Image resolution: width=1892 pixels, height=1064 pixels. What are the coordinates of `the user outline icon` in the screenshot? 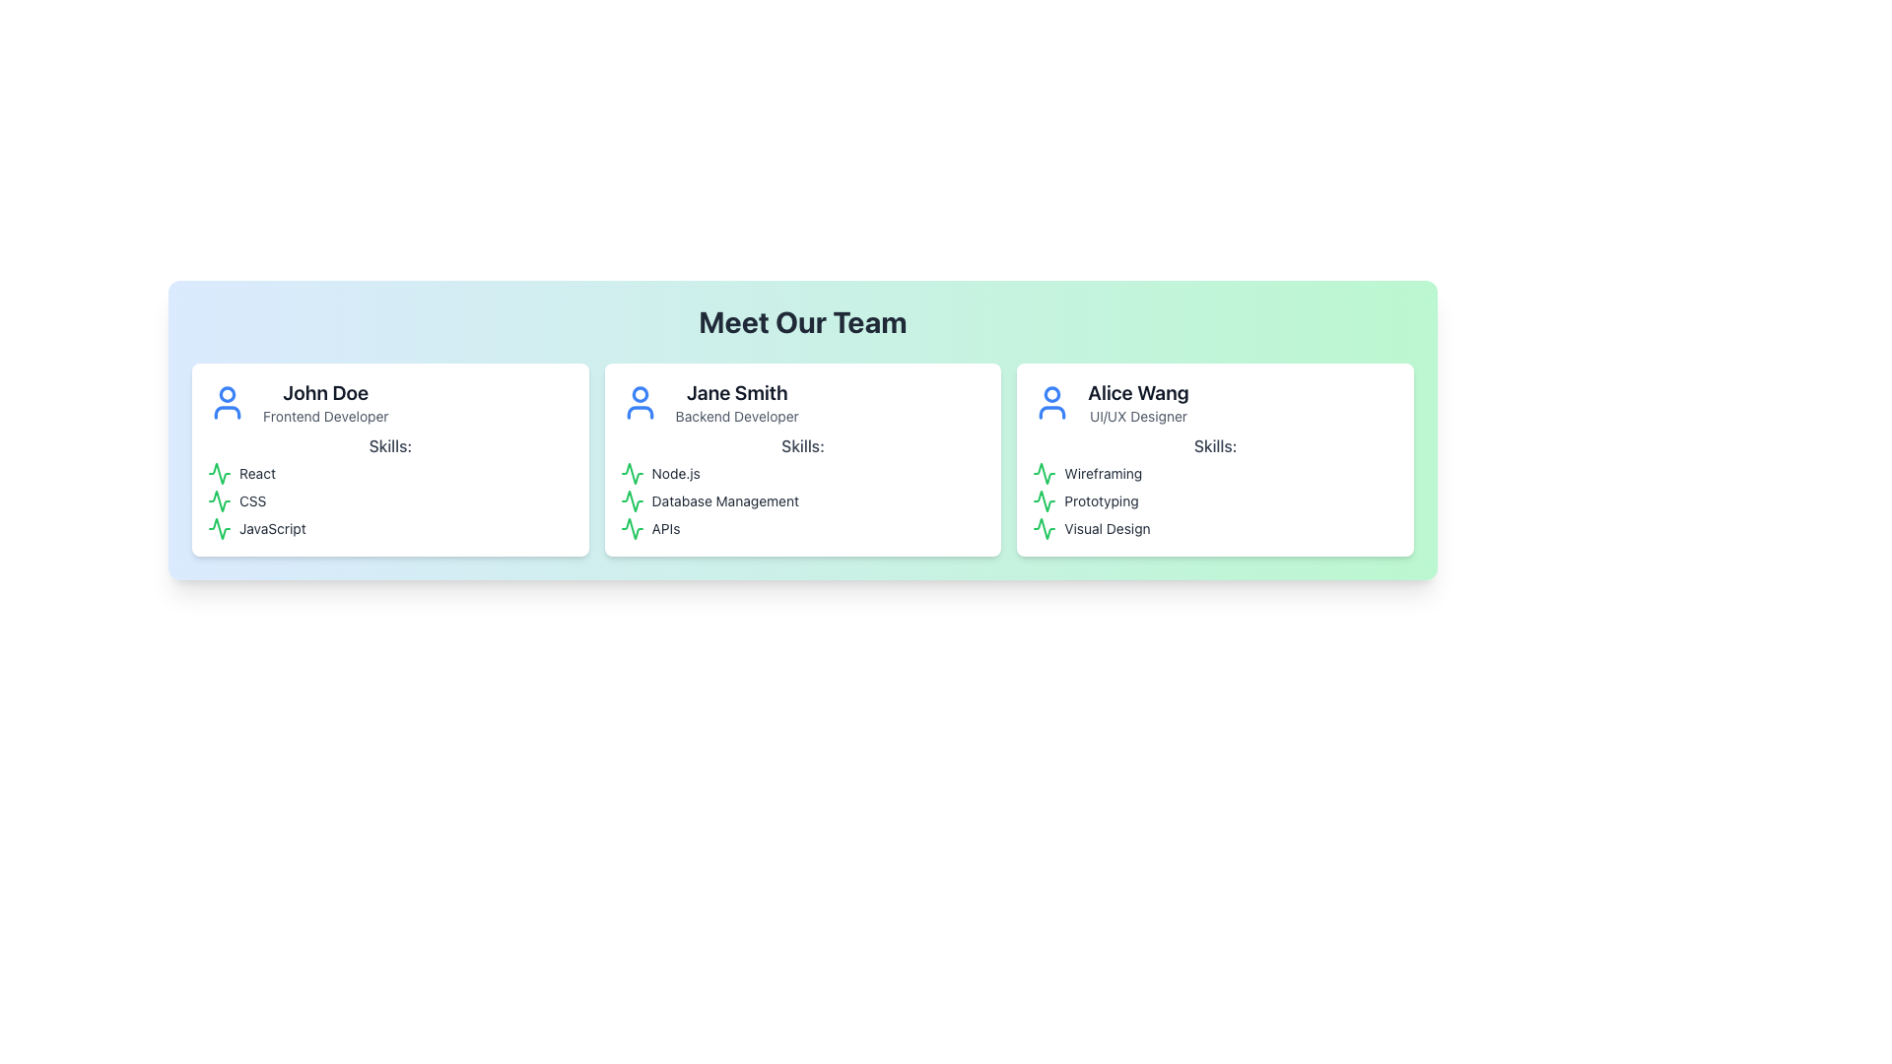 It's located at (640, 401).